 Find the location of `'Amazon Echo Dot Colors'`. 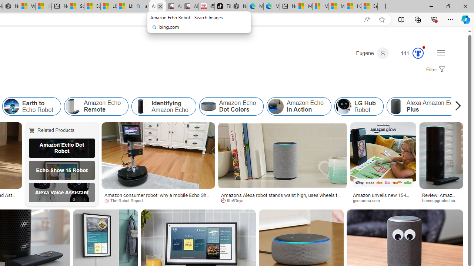

'Amazon Echo Dot Colors' is located at coordinates (231, 106).